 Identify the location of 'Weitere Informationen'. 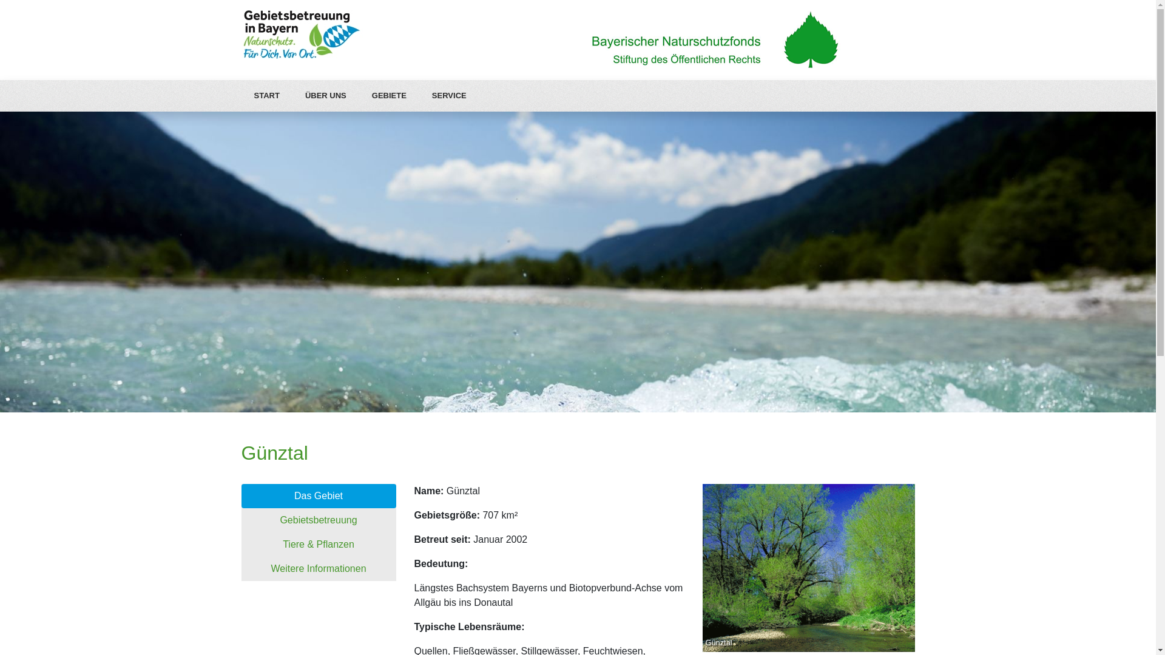
(241, 568).